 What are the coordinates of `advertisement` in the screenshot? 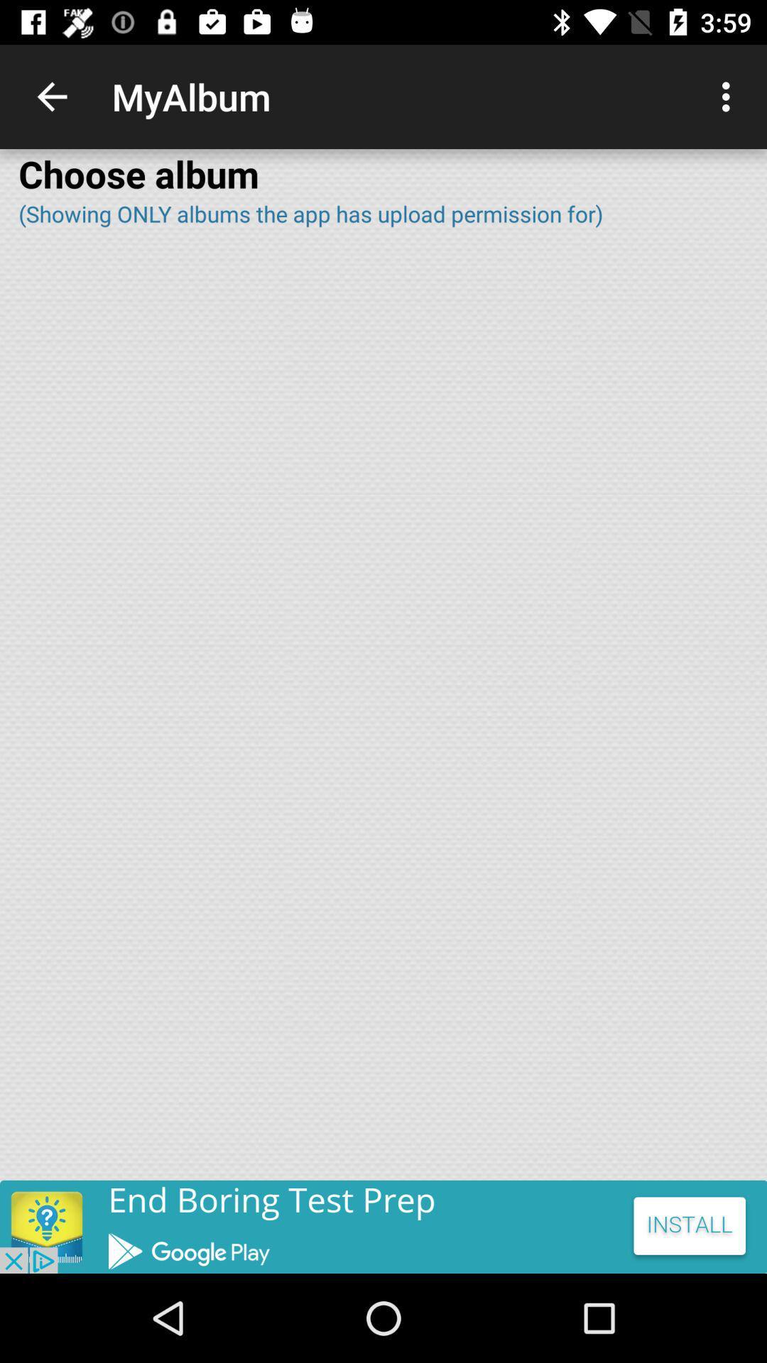 It's located at (383, 1226).